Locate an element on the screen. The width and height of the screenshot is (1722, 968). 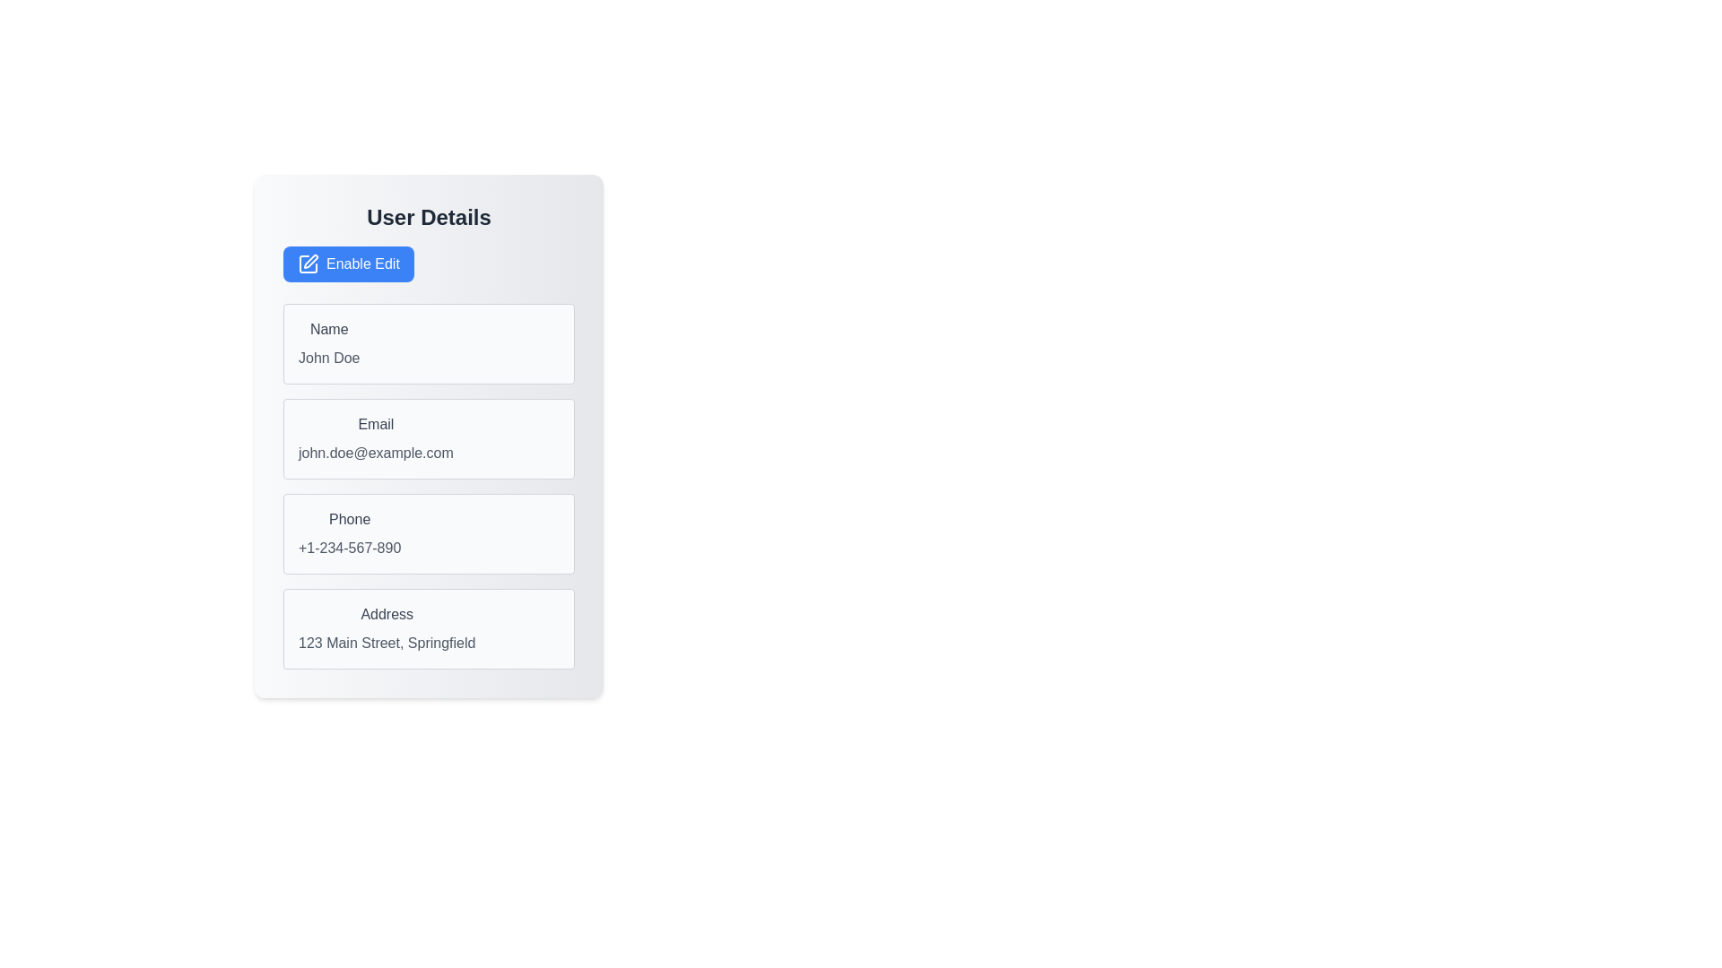
the static text element displaying the name 'John Doe', which is located beneath the 'Name' label in the top-left portion of the layout is located at coordinates (329, 359).